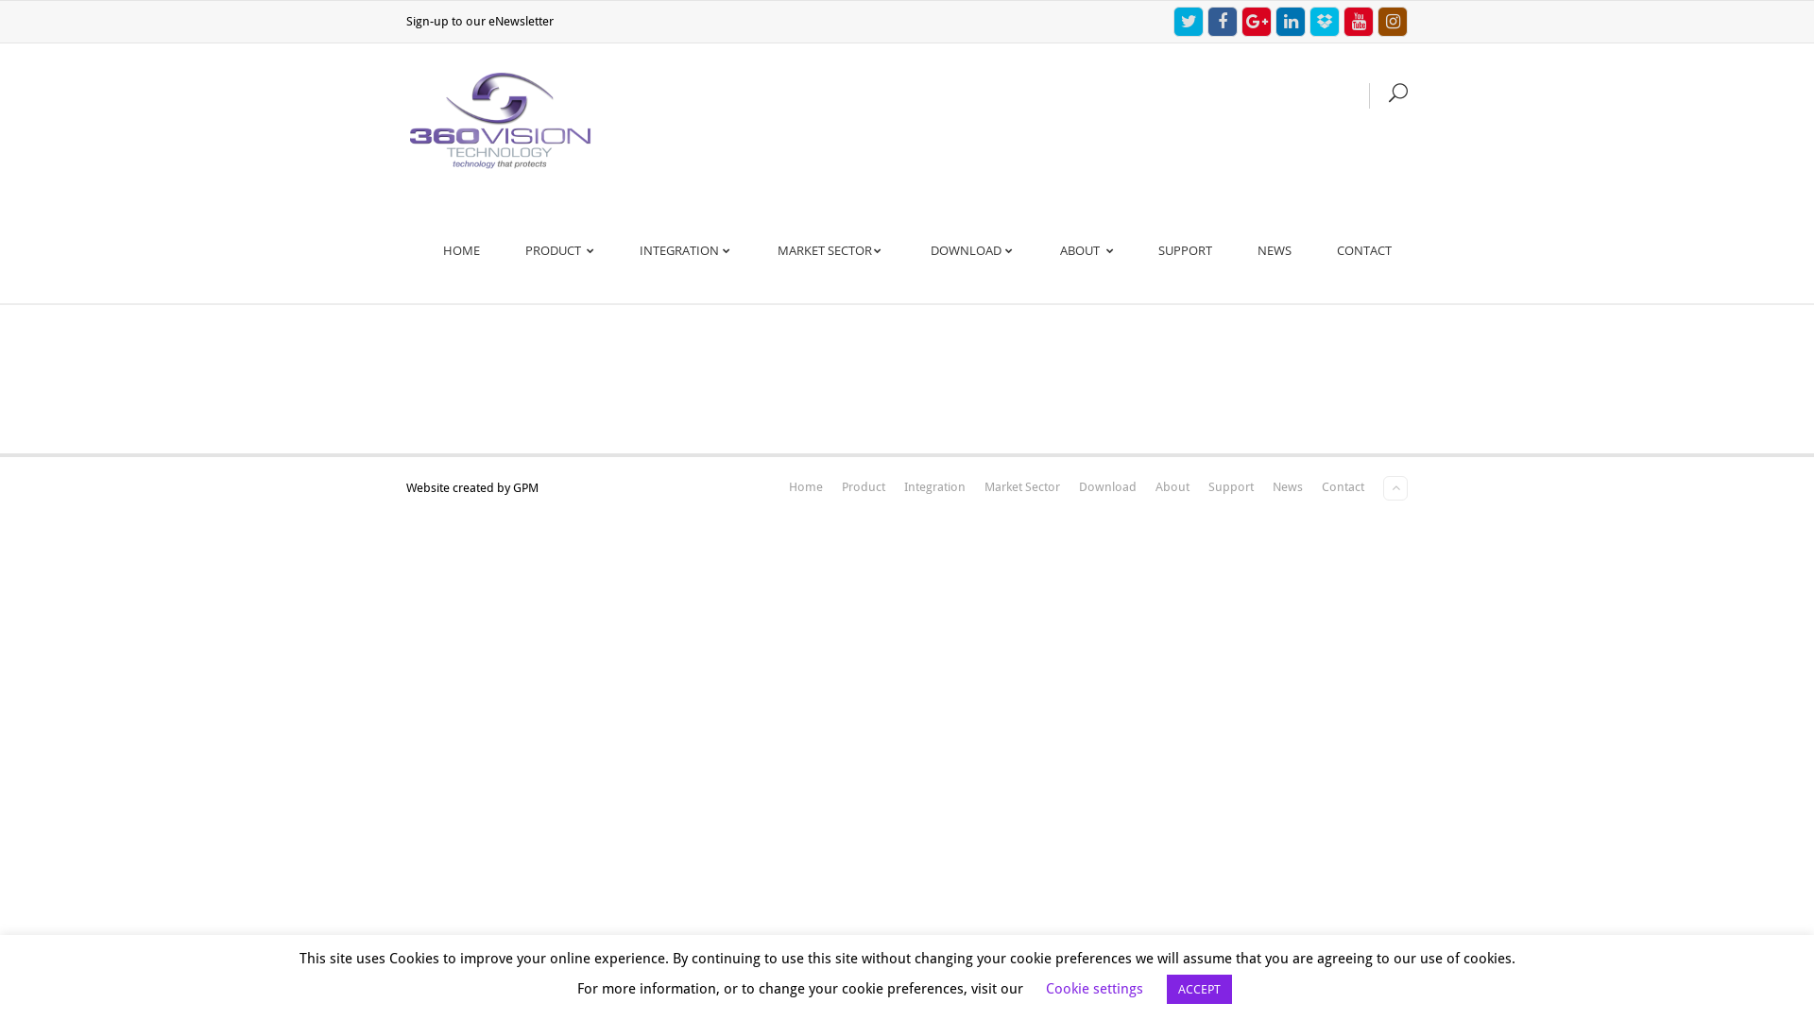  What do you see at coordinates (1155, 485) in the screenshot?
I see `'About'` at bounding box center [1155, 485].